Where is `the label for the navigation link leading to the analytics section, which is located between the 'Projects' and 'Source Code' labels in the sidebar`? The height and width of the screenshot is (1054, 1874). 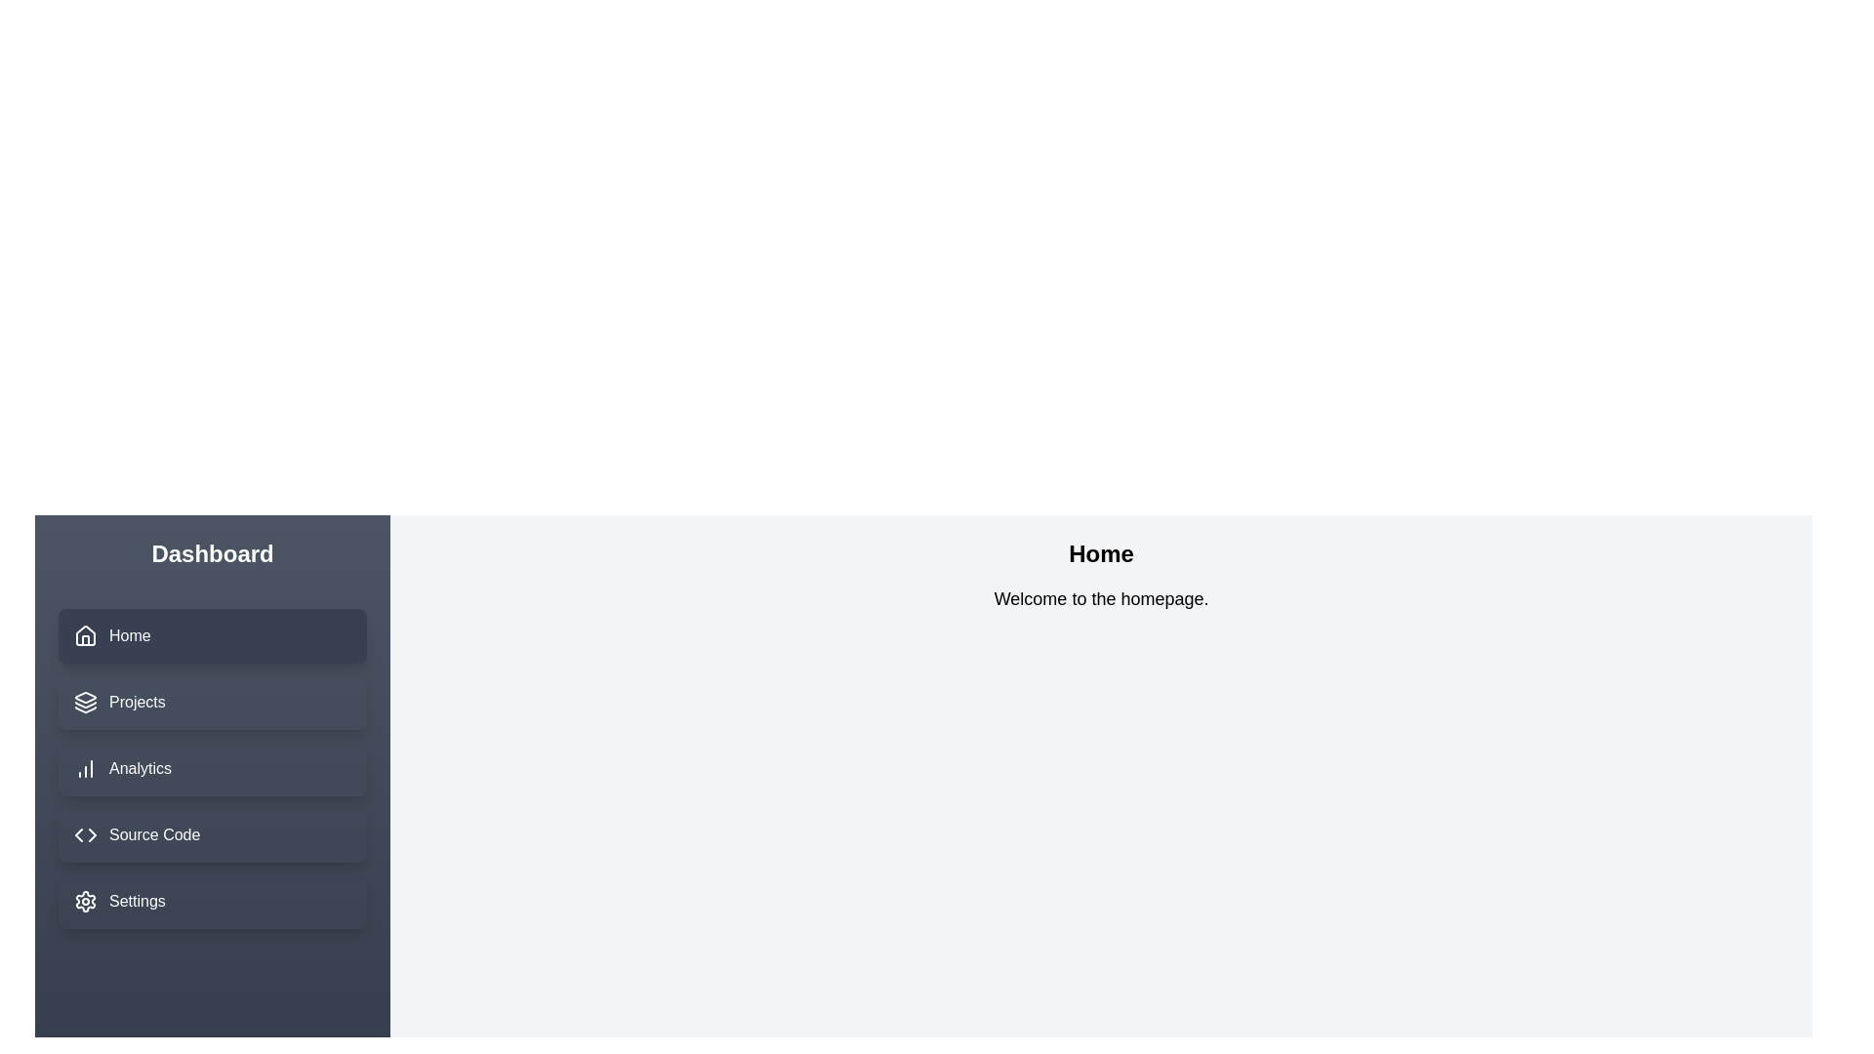 the label for the navigation link leading to the analytics section, which is located between the 'Projects' and 'Source Code' labels in the sidebar is located at coordinates (140, 767).